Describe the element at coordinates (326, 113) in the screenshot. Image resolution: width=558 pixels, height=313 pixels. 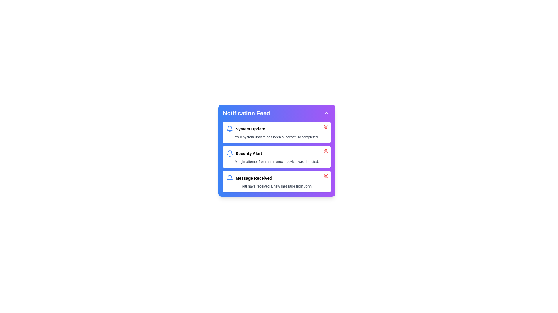
I see `the chevron-shaped icon resembling an upward arrow located in the top-right corner of the notification widget` at that location.